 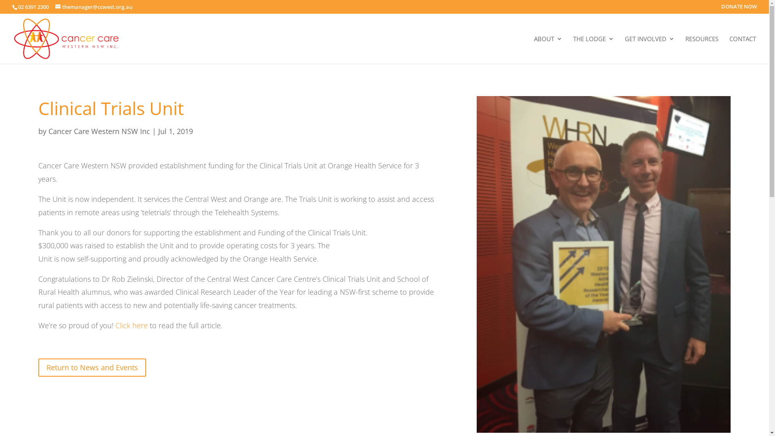 I want to click on '02 6391 2300', so click(x=18, y=6).